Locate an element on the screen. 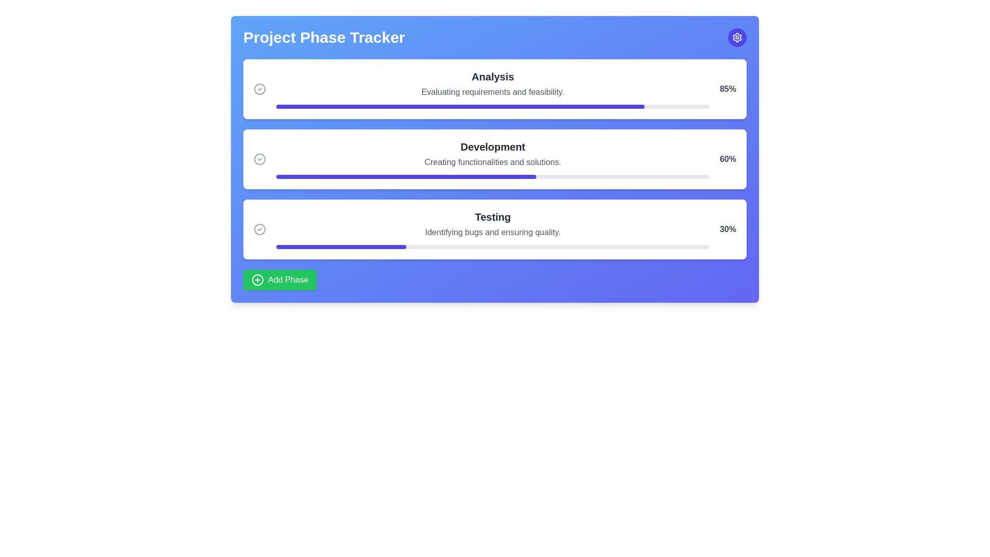  the button located near the bottom-left corner of the main section, below the 'Testing' progress bar is located at coordinates (280, 280).